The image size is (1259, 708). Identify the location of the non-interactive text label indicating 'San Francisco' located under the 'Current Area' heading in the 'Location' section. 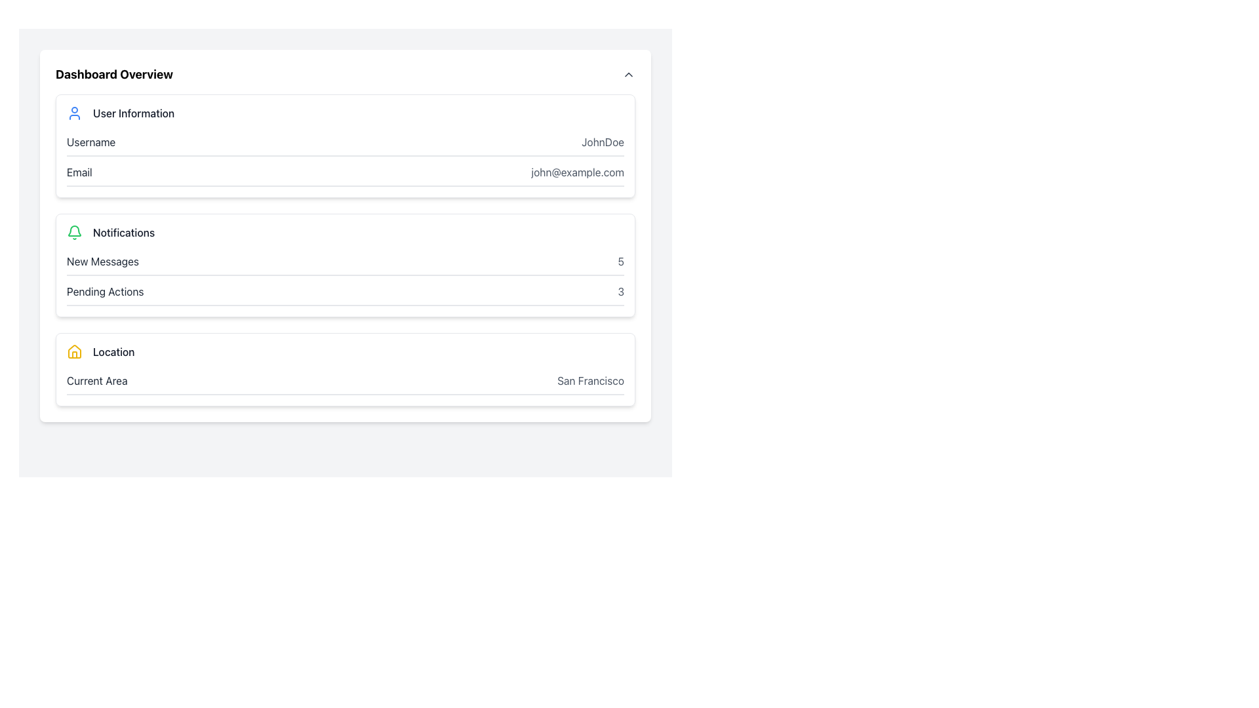
(590, 381).